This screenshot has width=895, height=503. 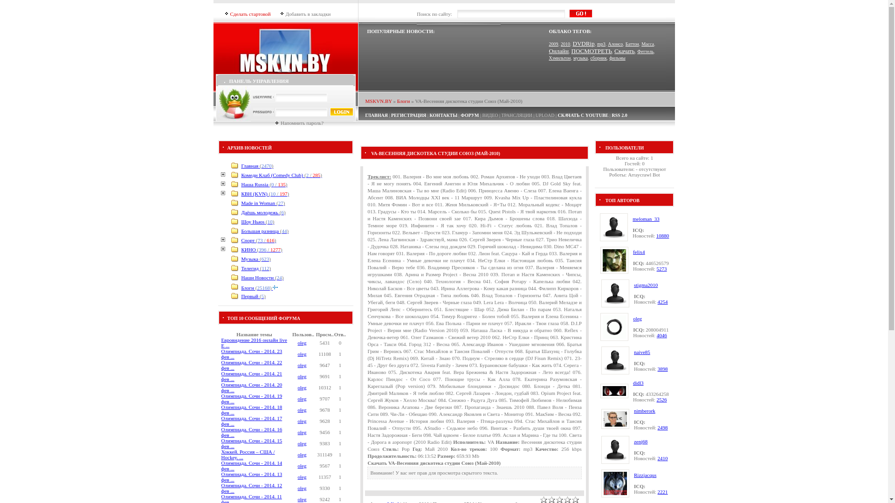 What do you see at coordinates (639, 251) in the screenshot?
I see `'felix4'` at bounding box center [639, 251].